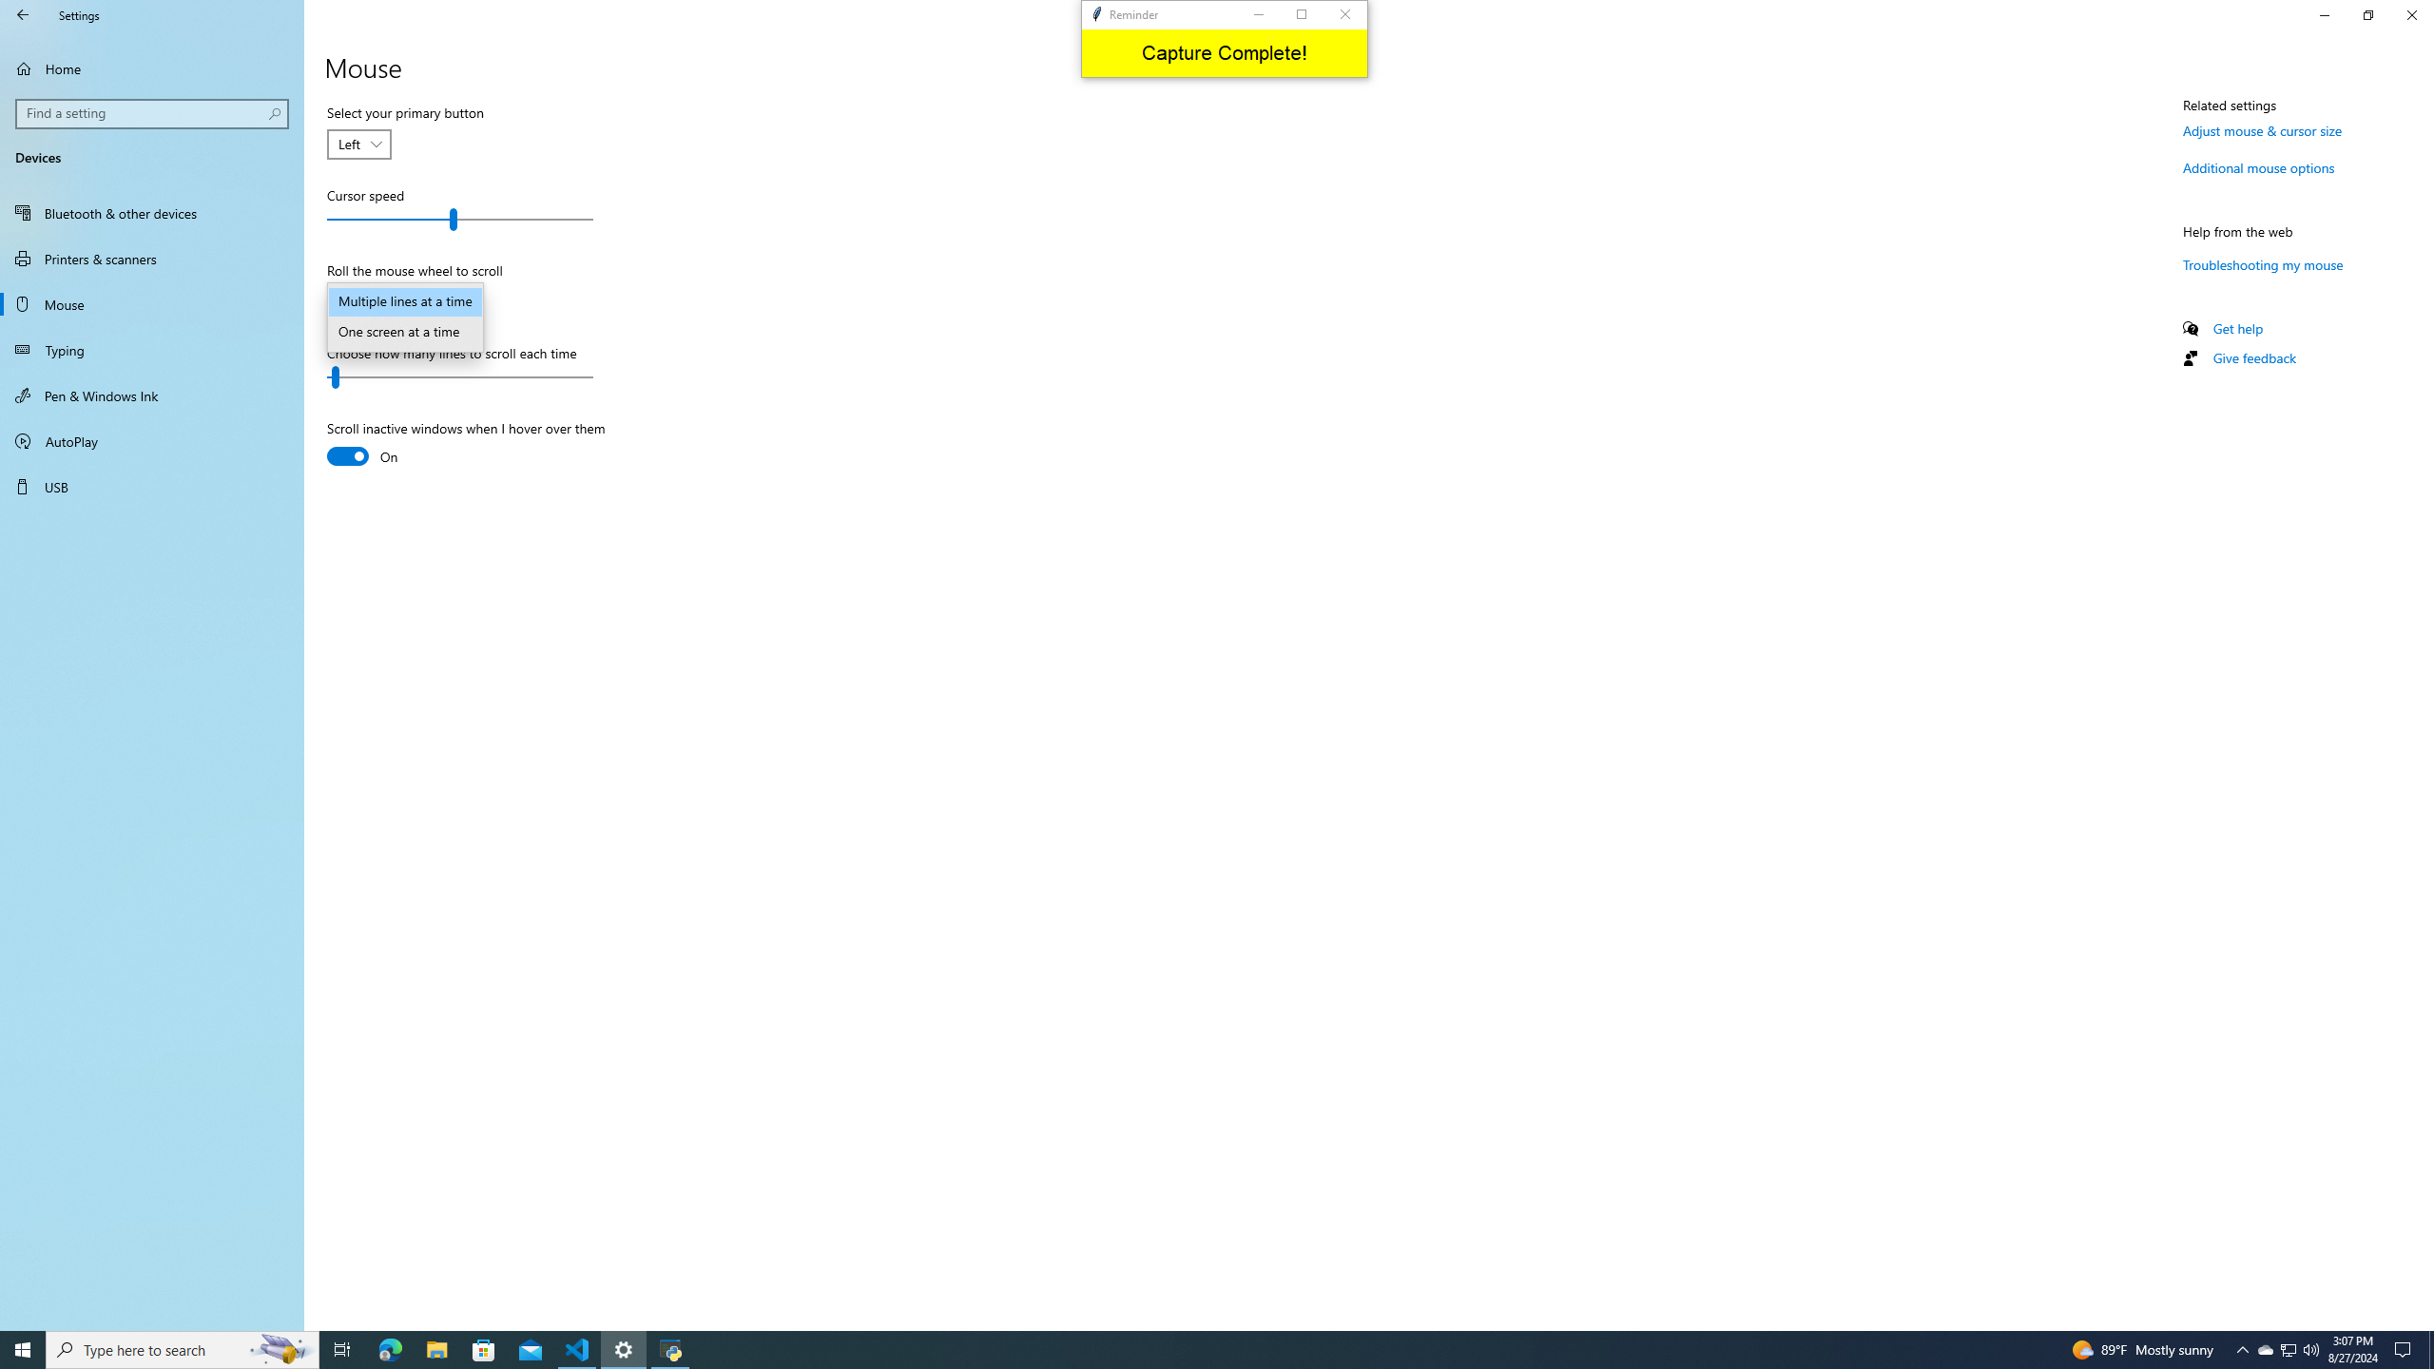 The image size is (2434, 1369). I want to click on 'Additional mouse options', so click(2257, 167).